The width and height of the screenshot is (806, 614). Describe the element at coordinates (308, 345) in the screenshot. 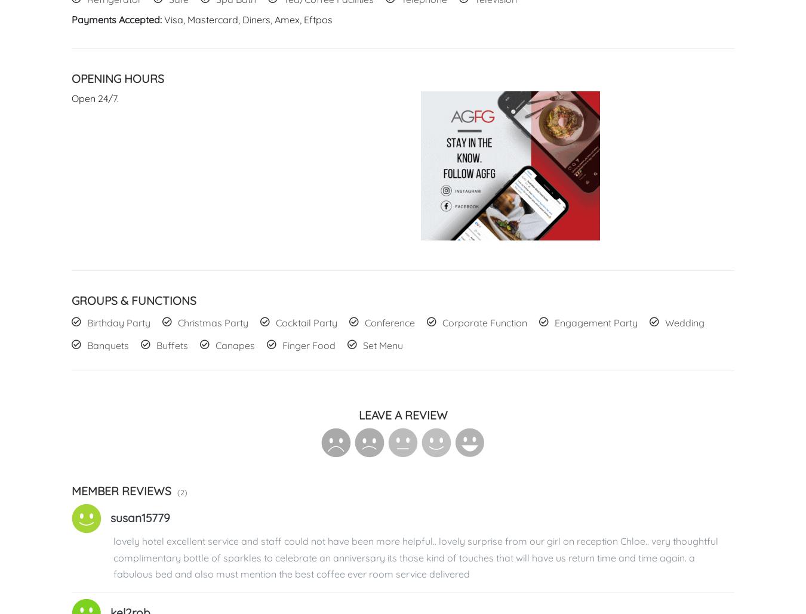

I see `'Finger Food'` at that location.